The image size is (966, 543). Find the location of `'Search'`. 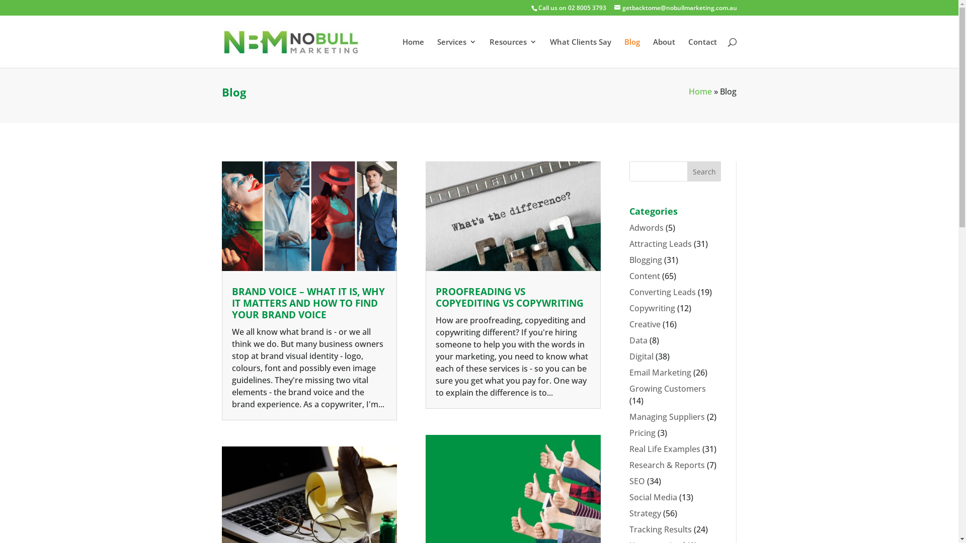

'Search' is located at coordinates (704, 170).